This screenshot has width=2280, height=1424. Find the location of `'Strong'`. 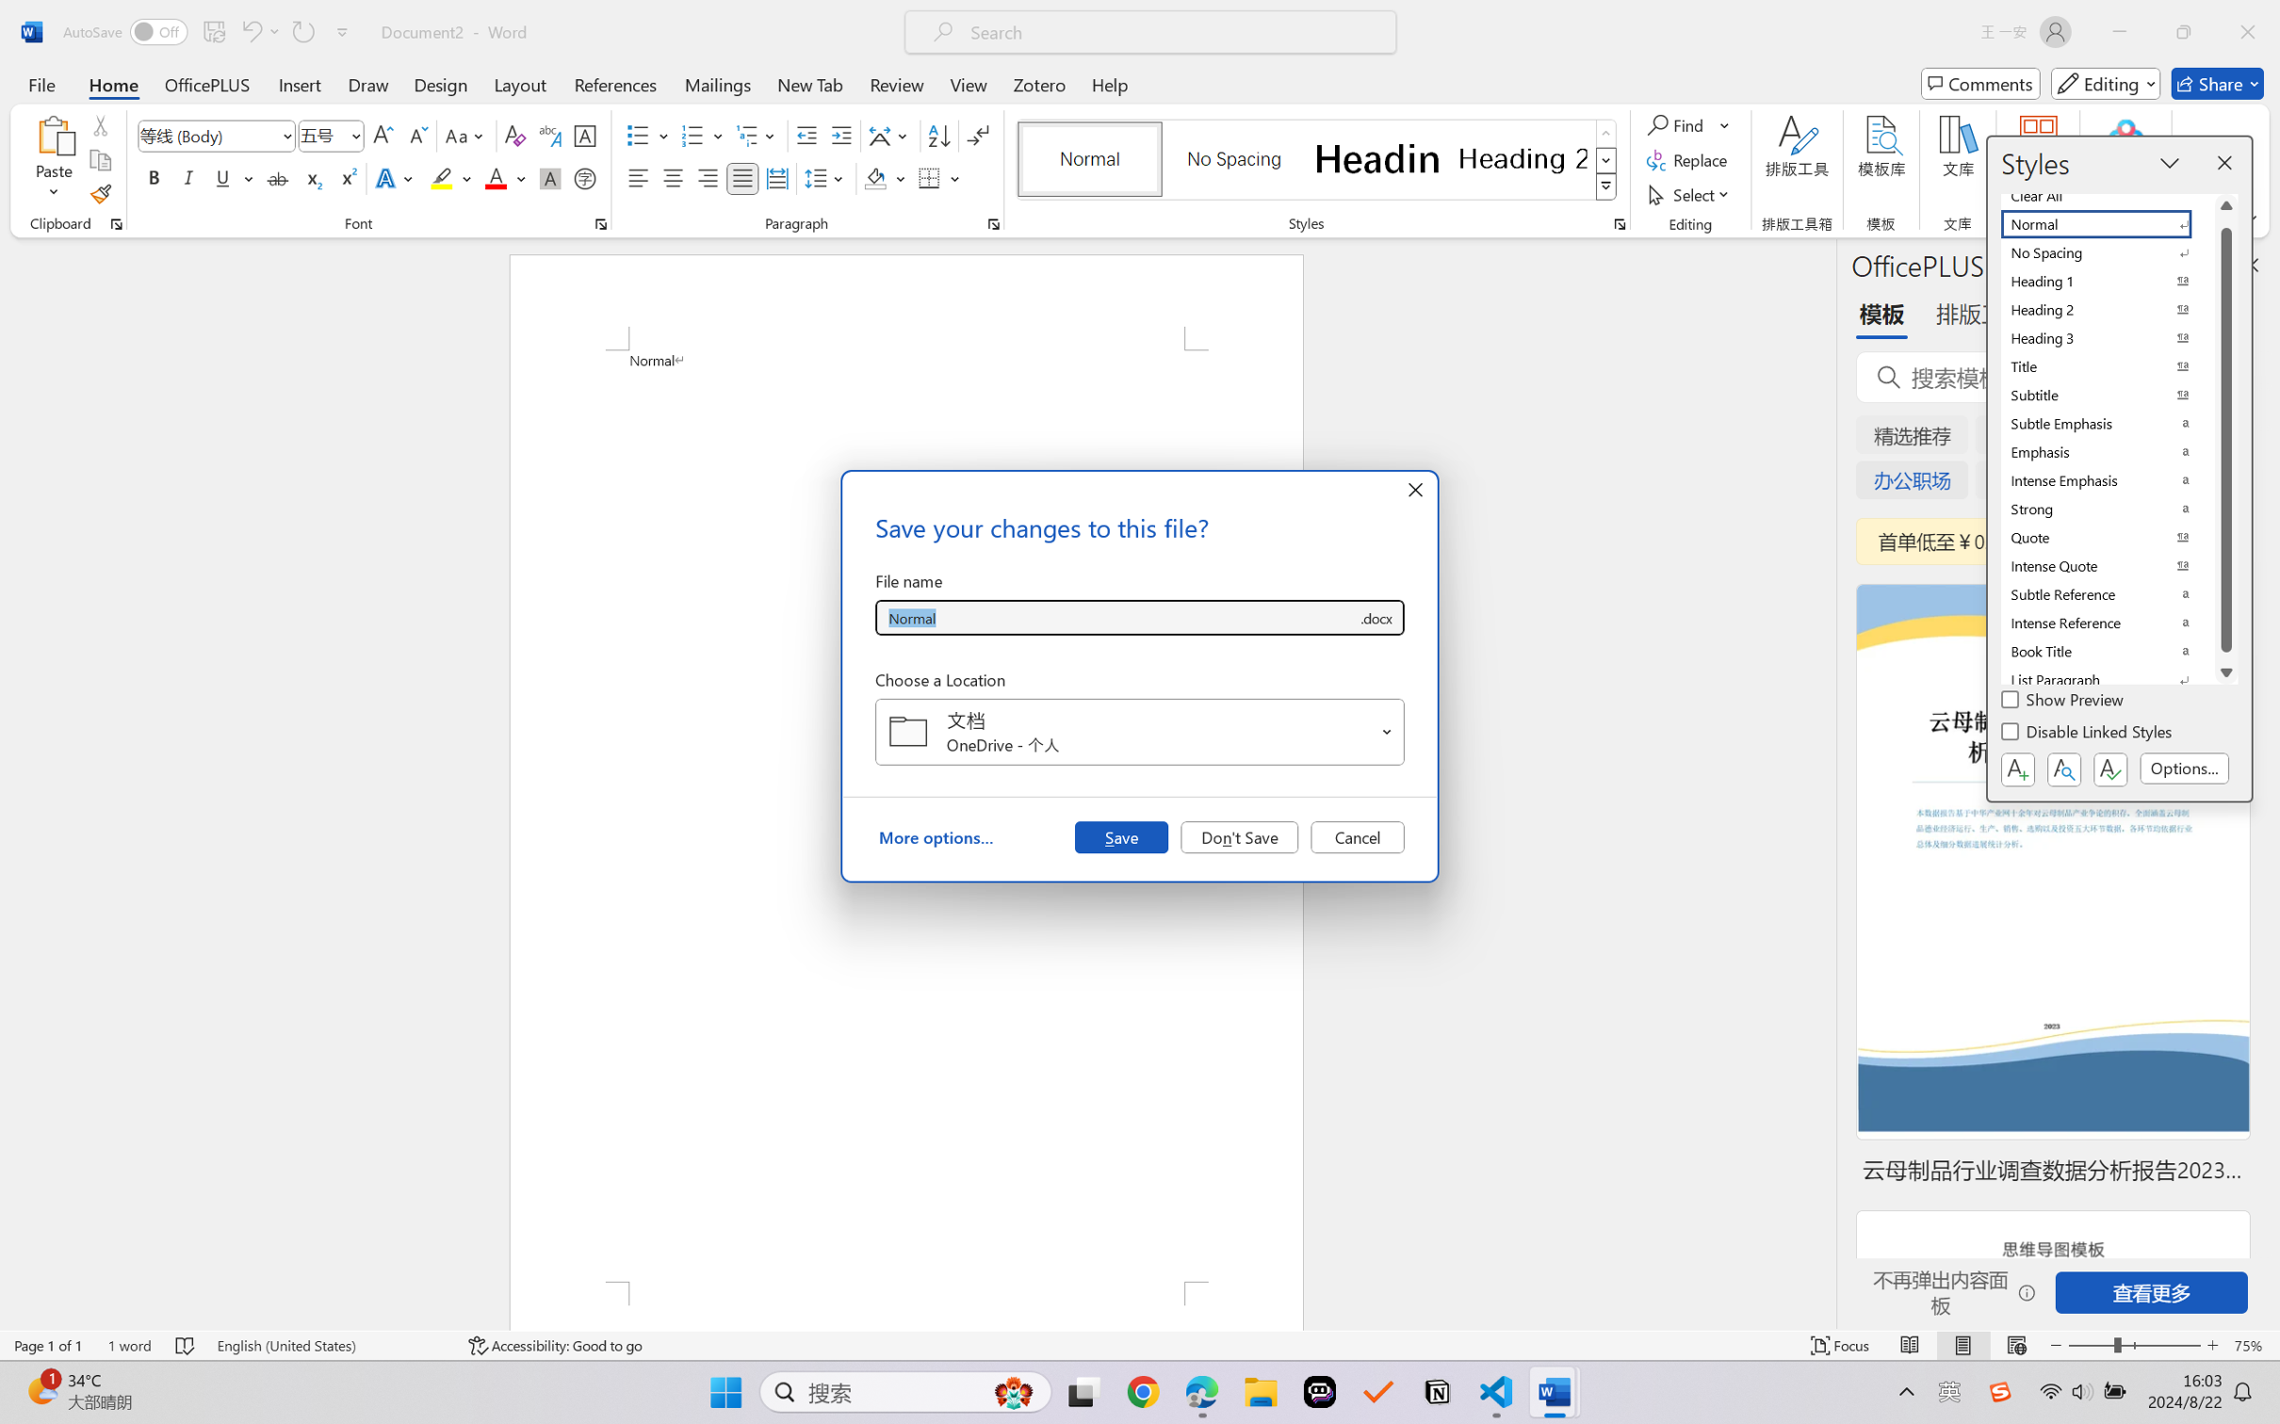

'Strong' is located at coordinates (2108, 509).